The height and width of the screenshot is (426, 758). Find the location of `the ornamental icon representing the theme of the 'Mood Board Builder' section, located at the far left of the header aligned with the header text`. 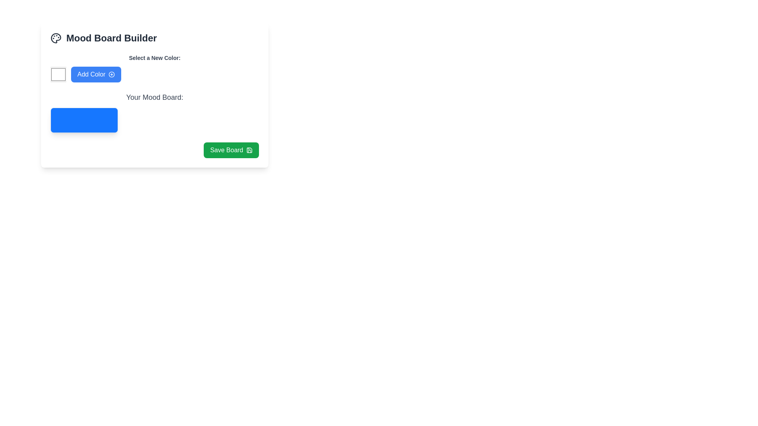

the ornamental icon representing the theme of the 'Mood Board Builder' section, located at the far left of the header aligned with the header text is located at coordinates (56, 38).